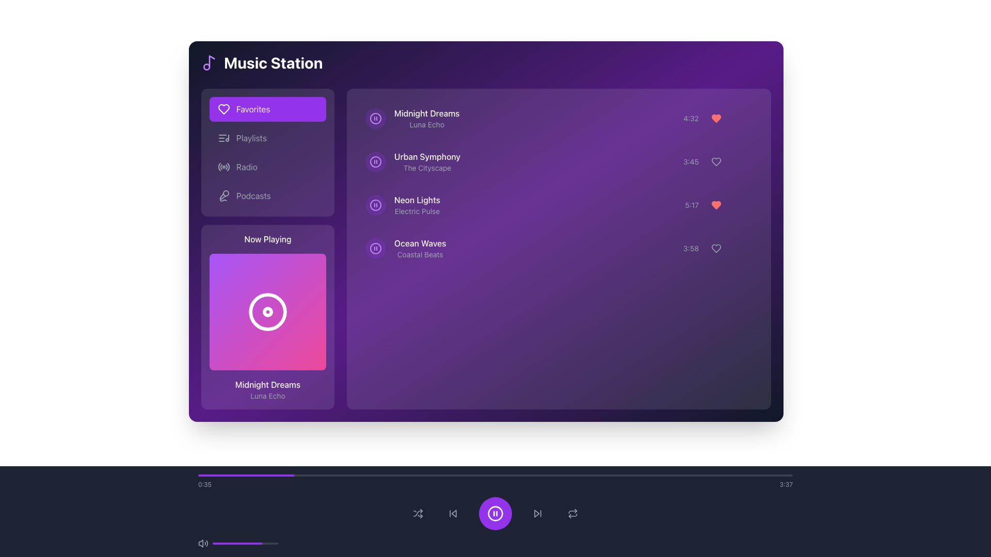 The height and width of the screenshot is (557, 991). What do you see at coordinates (420, 254) in the screenshot?
I see `the text label providing additional information for the audio track 'Ocean Waves' located in the right-side panel under the 'Now Playing' section` at bounding box center [420, 254].